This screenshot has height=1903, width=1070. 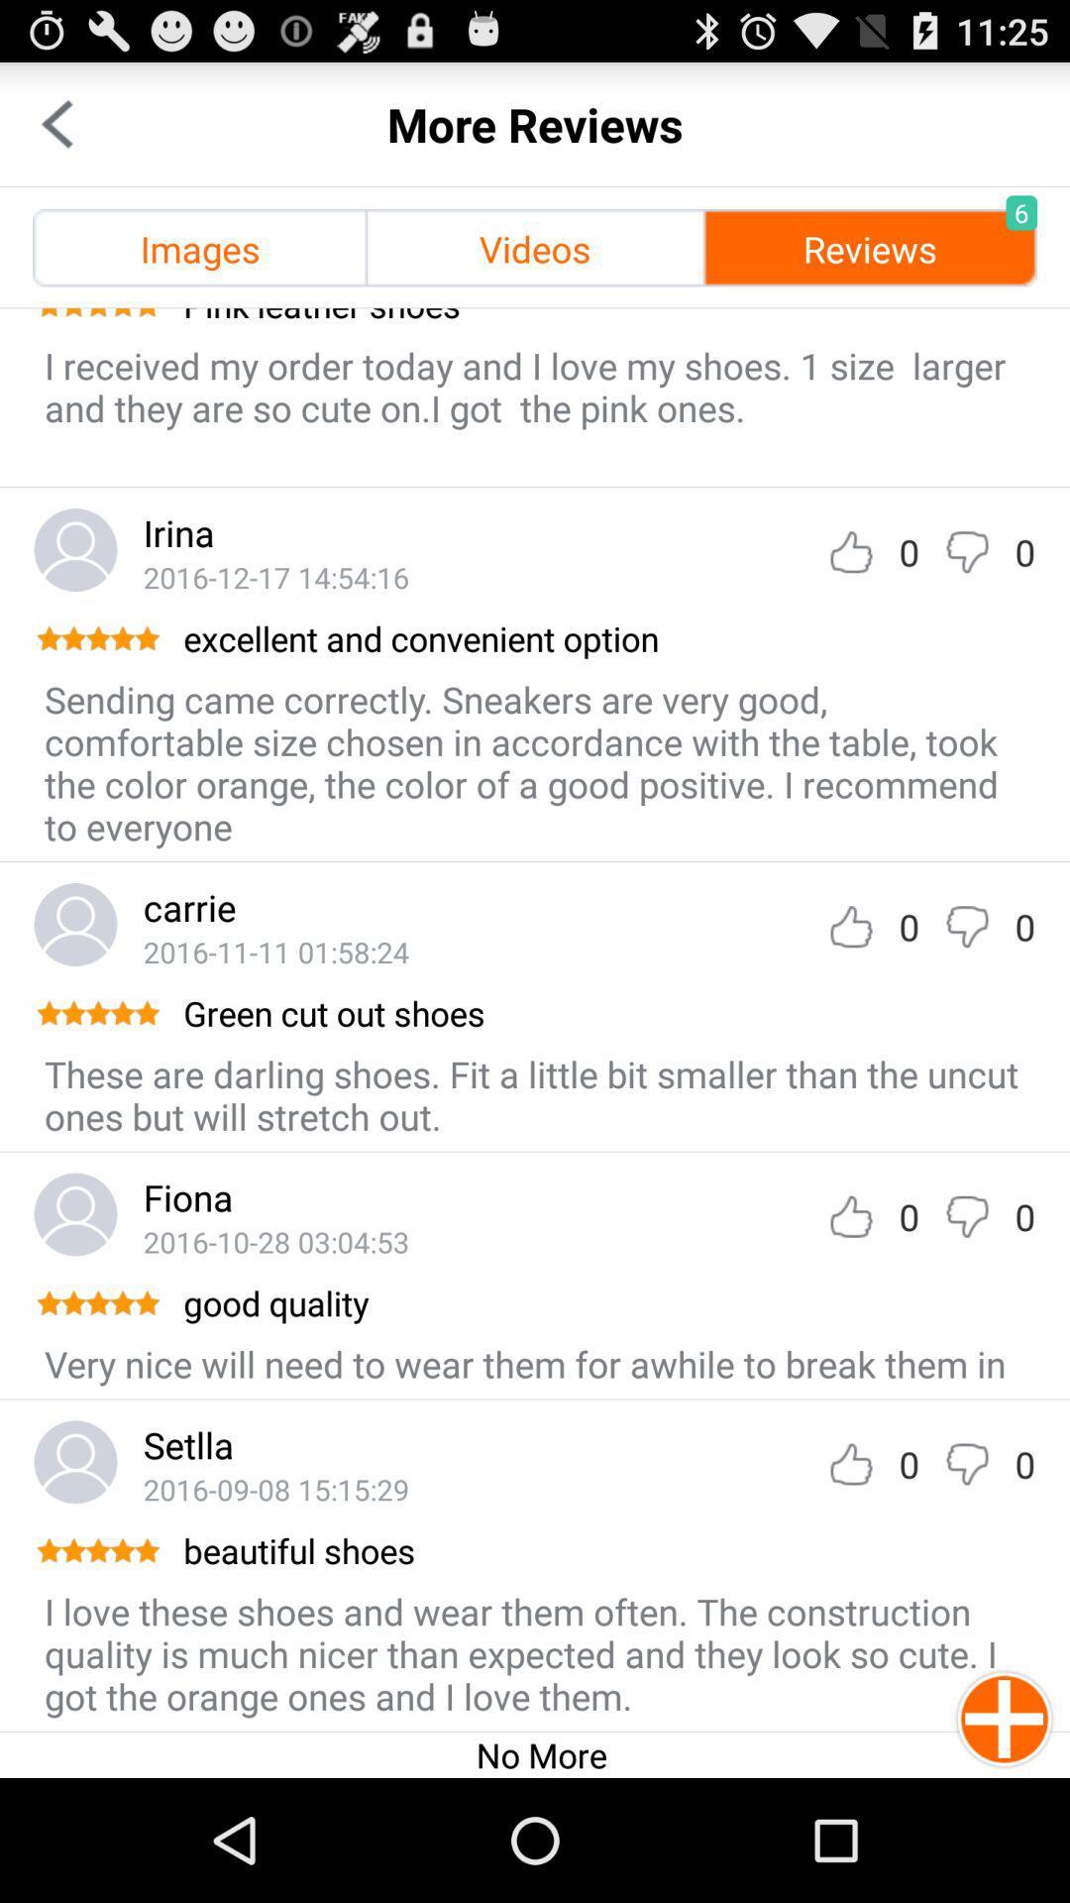 What do you see at coordinates (966, 1464) in the screenshot?
I see `choose dislike option` at bounding box center [966, 1464].